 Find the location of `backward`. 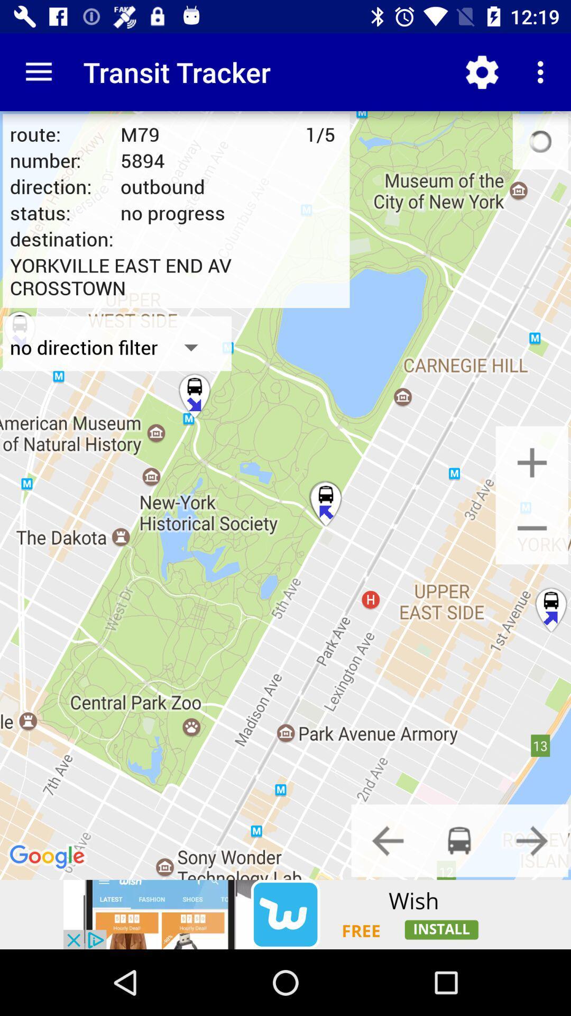

backward is located at coordinates (388, 840).